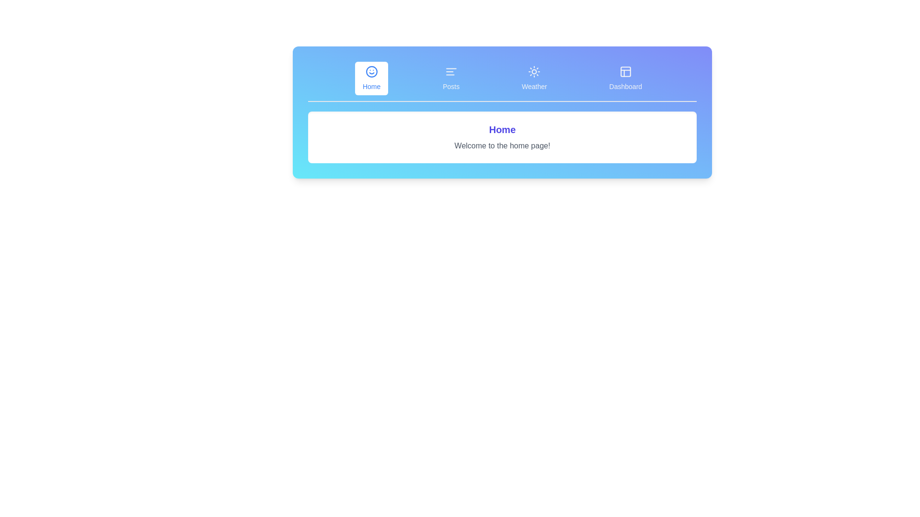 The width and height of the screenshot is (920, 517). Describe the element at coordinates (534, 78) in the screenshot. I see `the tab labeled Weather` at that location.